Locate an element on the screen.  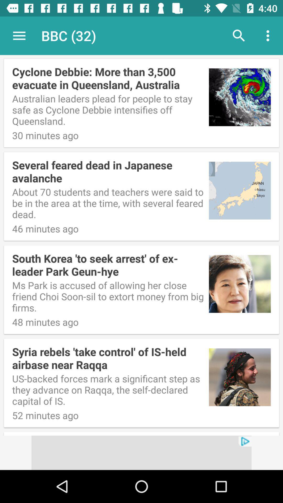
item above cyclone debbie more icon is located at coordinates (141, 36).